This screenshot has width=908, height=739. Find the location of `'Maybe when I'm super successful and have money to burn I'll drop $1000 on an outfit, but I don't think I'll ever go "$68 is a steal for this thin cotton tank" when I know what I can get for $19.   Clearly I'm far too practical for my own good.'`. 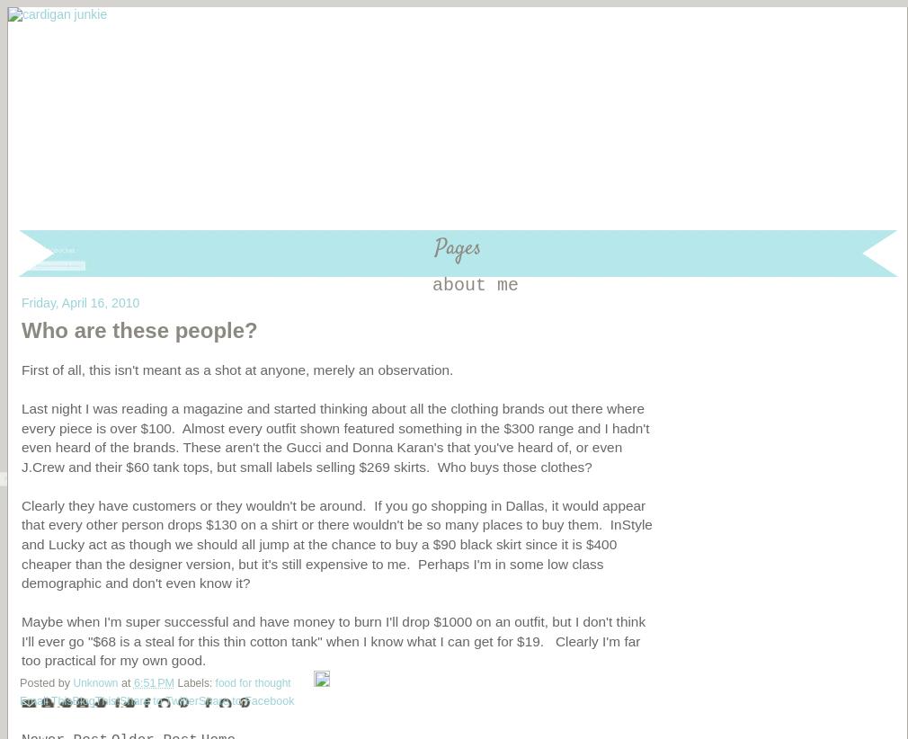

'Maybe when I'm super successful and have money to burn I'll drop $1000 on an outfit, but I don't think I'll ever go "$68 is a steal for this thin cotton tank" when I know what I can get for $19.   Clearly I'm far too practical for my own good.' is located at coordinates (21, 641).